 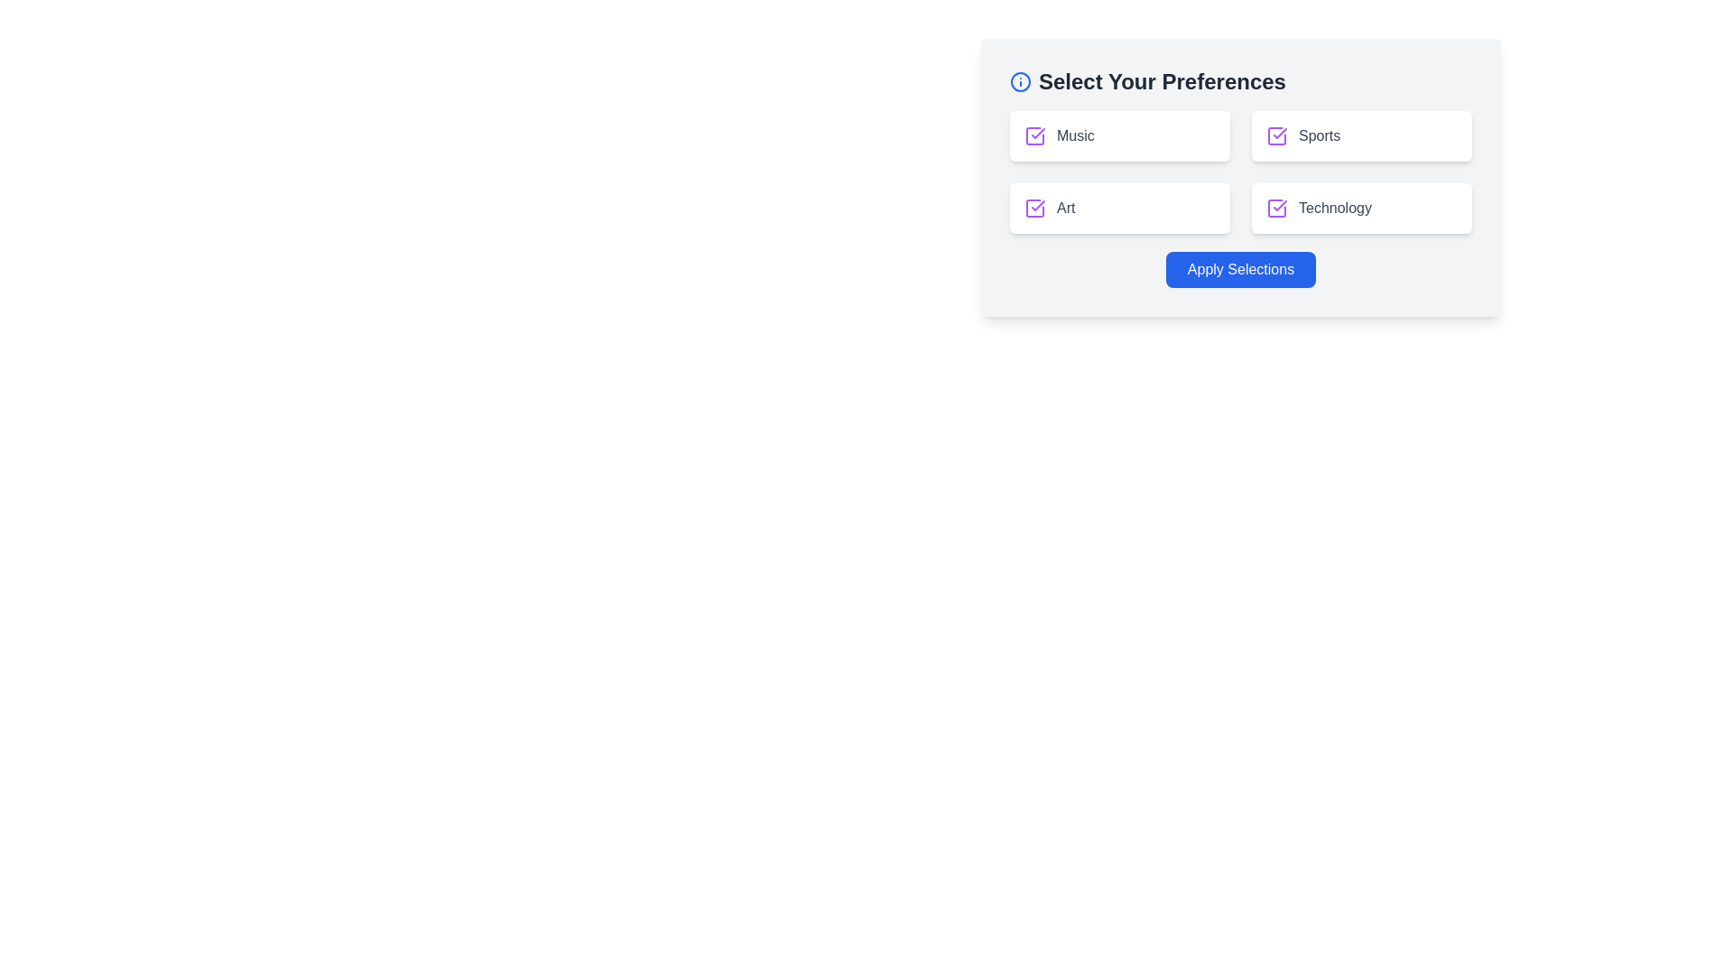 I want to click on the 'Music' checkbox option within the 'Select Your Preferences' interface to prepare for interaction, so click(x=1119, y=135).